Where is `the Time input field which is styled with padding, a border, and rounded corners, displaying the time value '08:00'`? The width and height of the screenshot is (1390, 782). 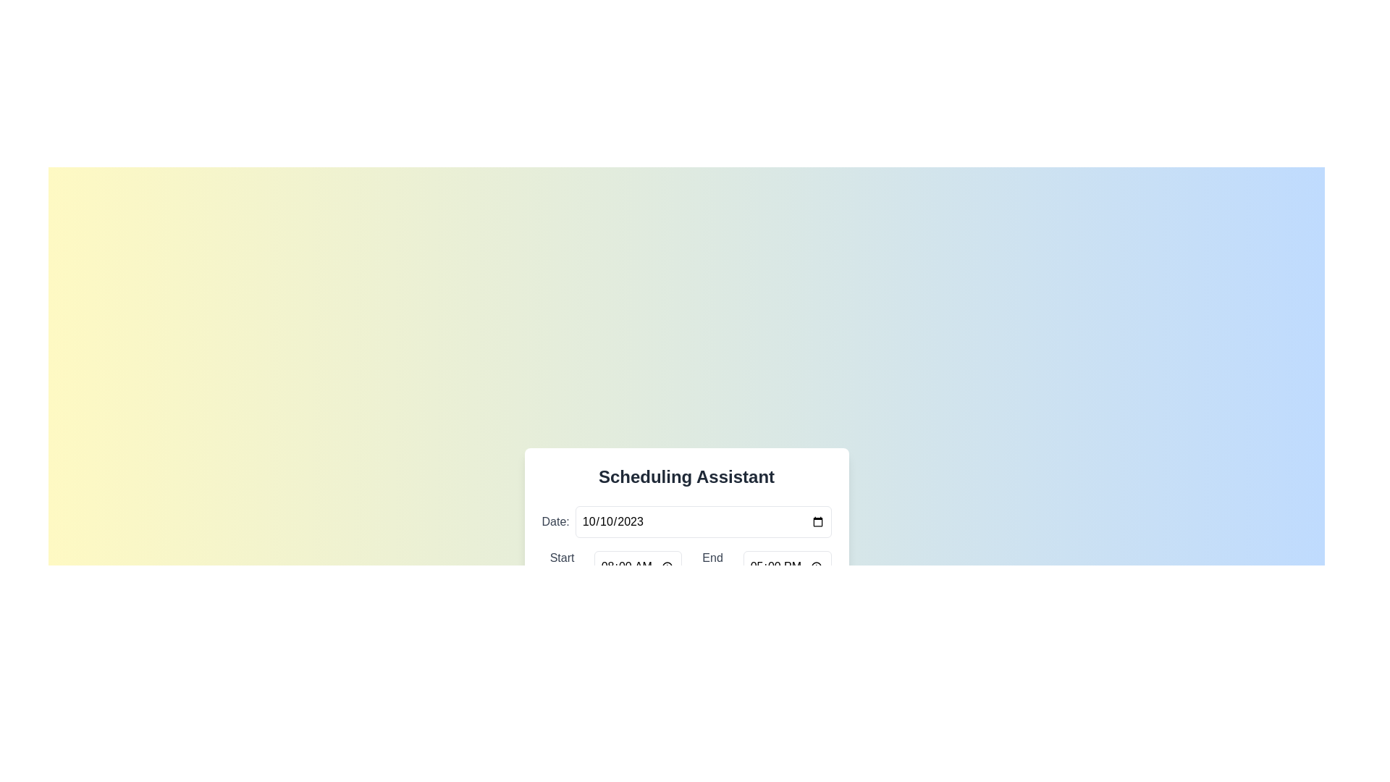 the Time input field which is styled with padding, a border, and rounded corners, displaying the time value '08:00' is located at coordinates (637, 566).